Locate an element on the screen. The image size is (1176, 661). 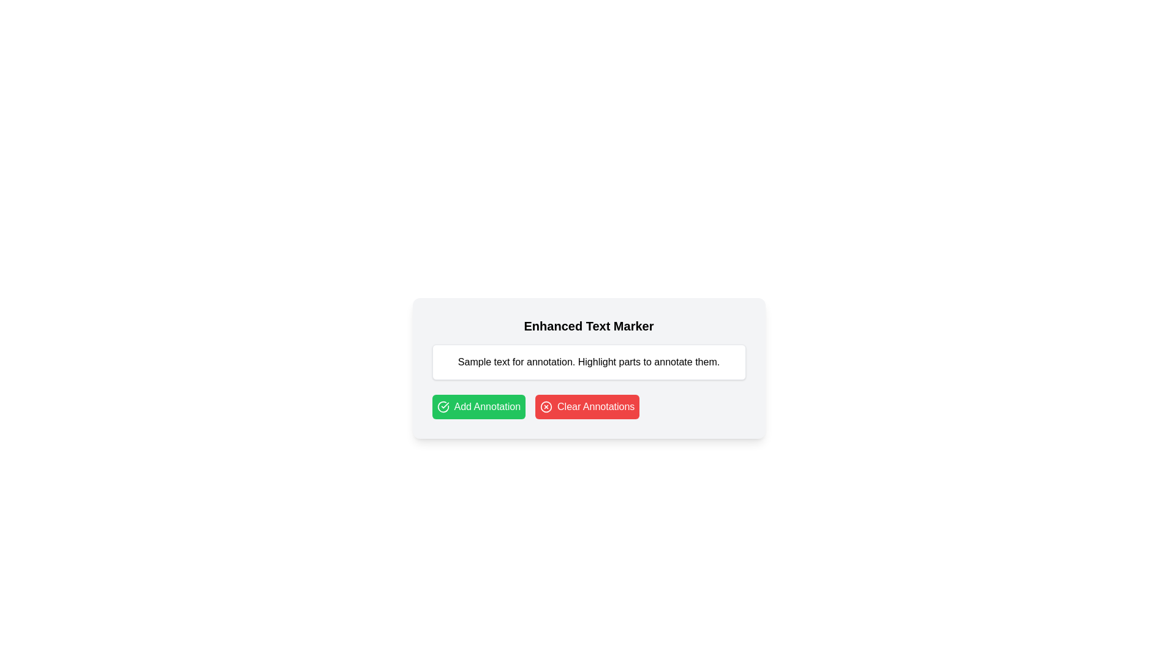
the letter 'g' in the word 'Highlight' within the text content area under the heading 'Enhanced Text Marker.' is located at coordinates (605, 361).